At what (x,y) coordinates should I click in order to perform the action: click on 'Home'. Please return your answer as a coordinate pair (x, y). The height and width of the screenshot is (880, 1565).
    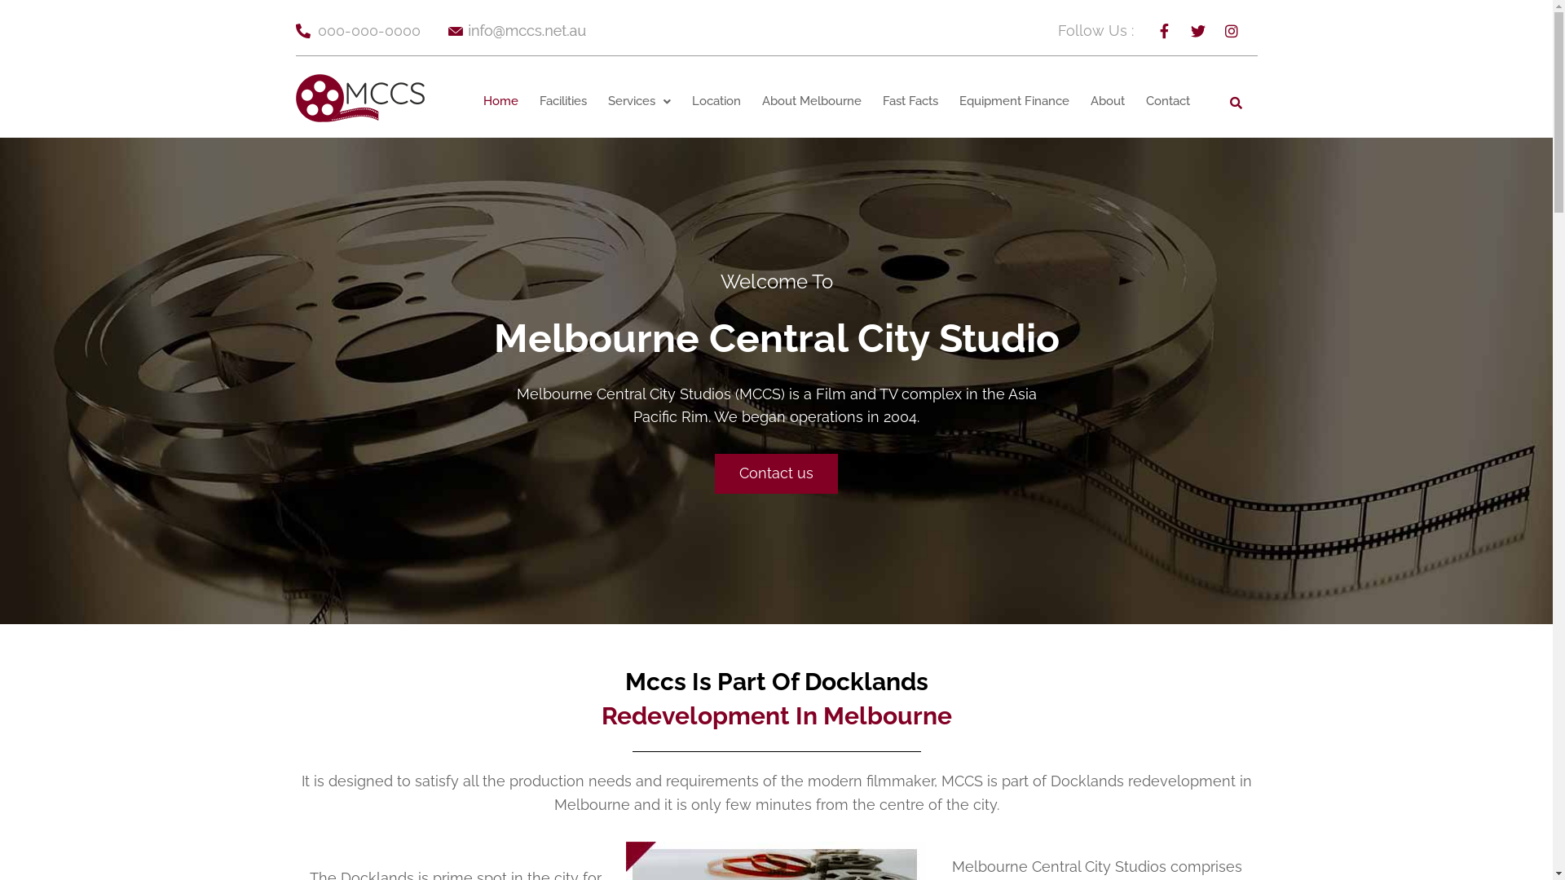
    Looking at the image, I should click on (500, 101).